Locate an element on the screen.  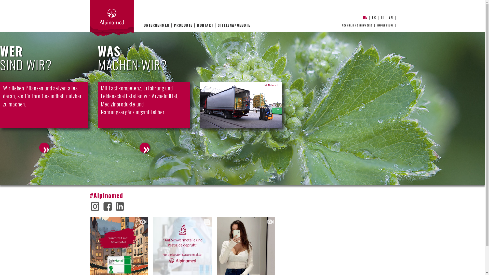
'EN' is located at coordinates (390, 17).